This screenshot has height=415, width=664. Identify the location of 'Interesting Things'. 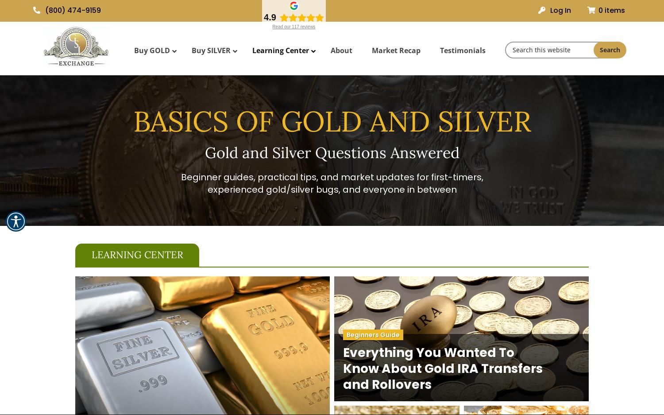
(282, 127).